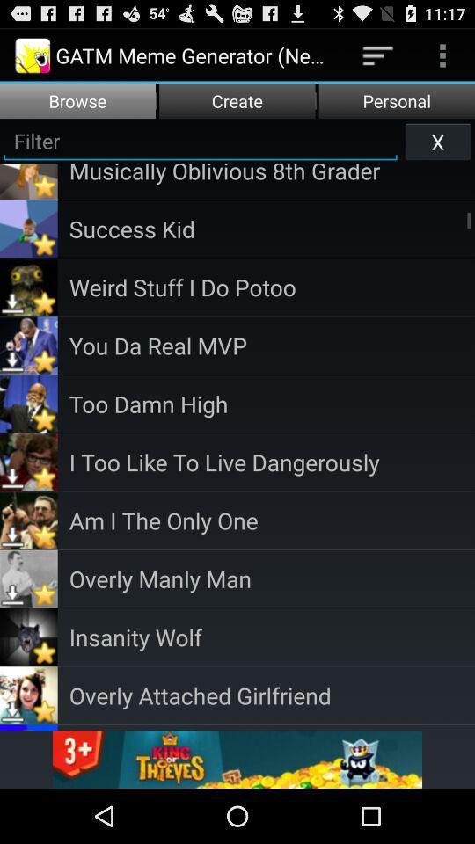 This screenshot has height=844, width=475. What do you see at coordinates (272, 578) in the screenshot?
I see `overly manly man` at bounding box center [272, 578].